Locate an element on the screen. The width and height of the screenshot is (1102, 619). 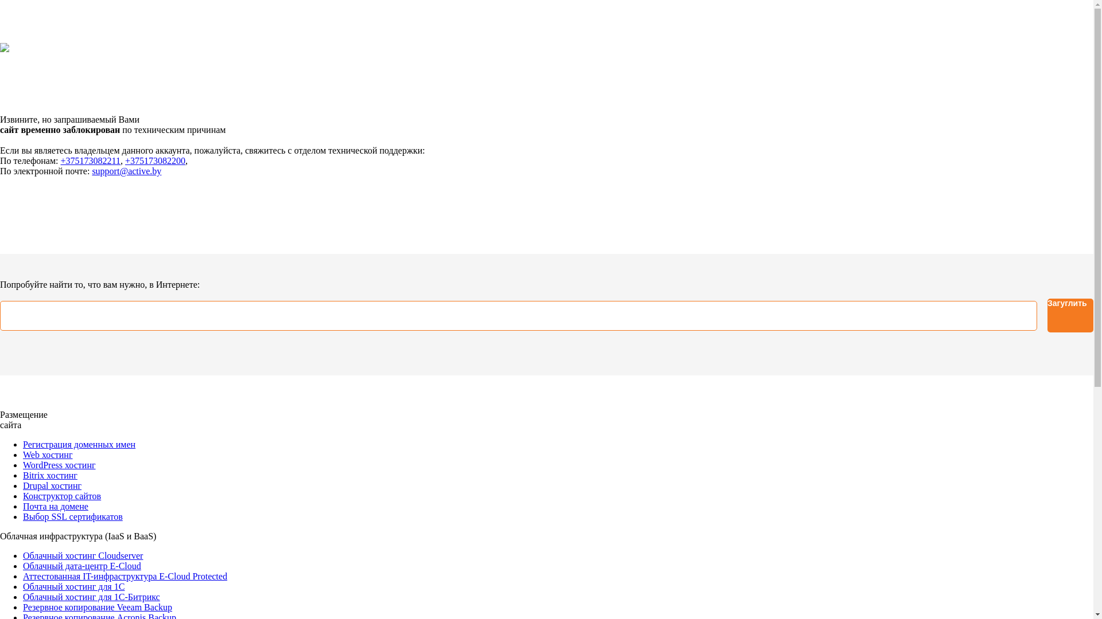
'+375173082211' is located at coordinates (90, 160).